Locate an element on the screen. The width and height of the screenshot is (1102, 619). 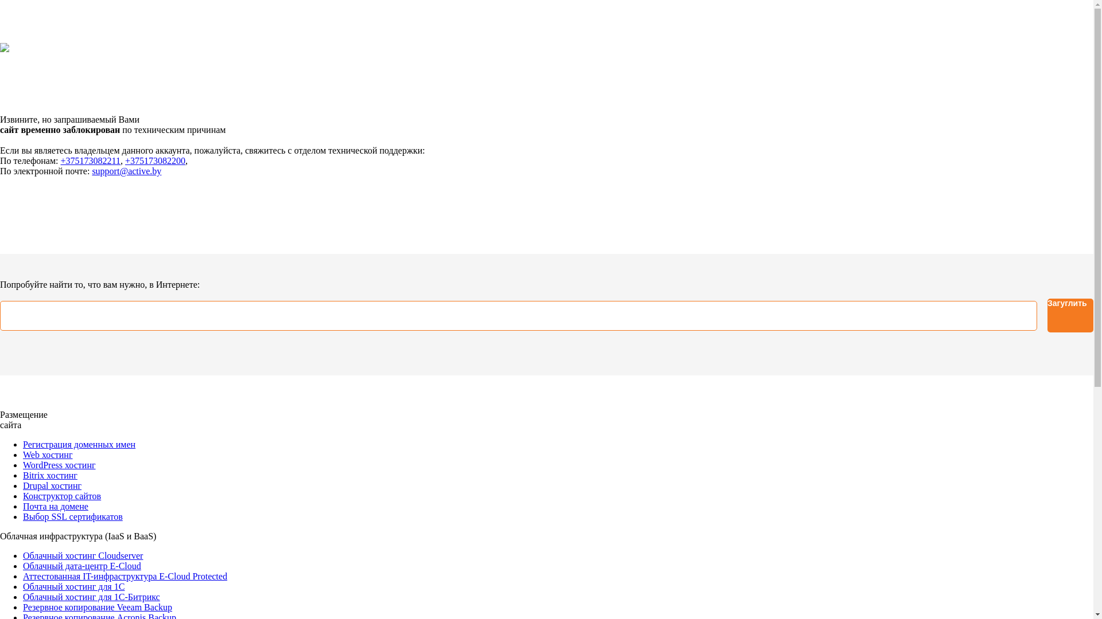
'+375173082211' is located at coordinates (90, 160).